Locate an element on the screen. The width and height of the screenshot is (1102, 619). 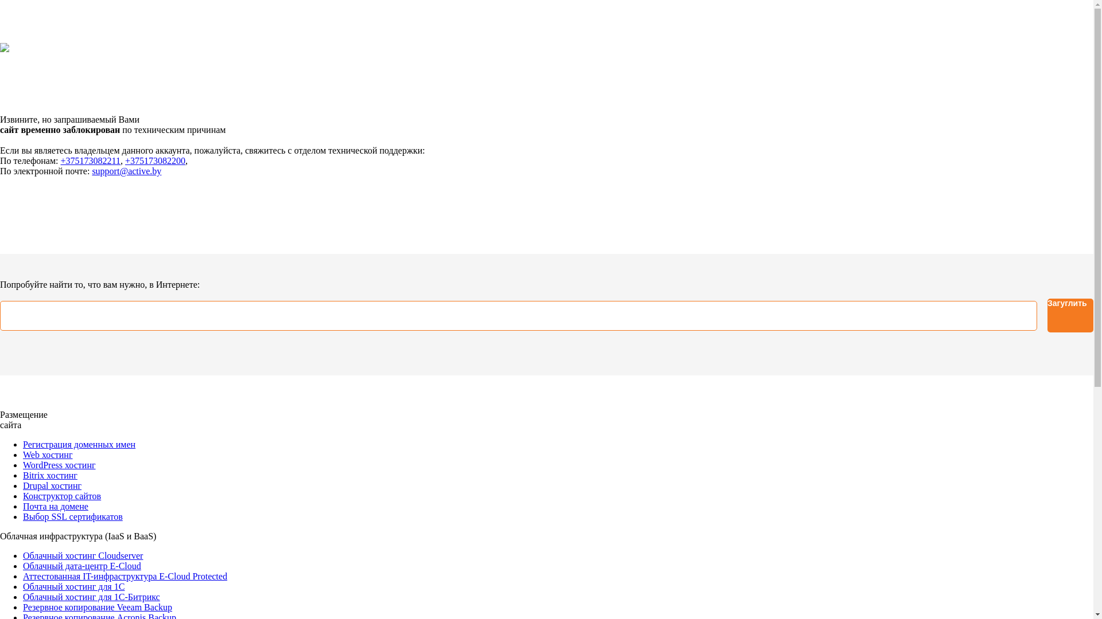
'+375173082211' is located at coordinates (90, 160).